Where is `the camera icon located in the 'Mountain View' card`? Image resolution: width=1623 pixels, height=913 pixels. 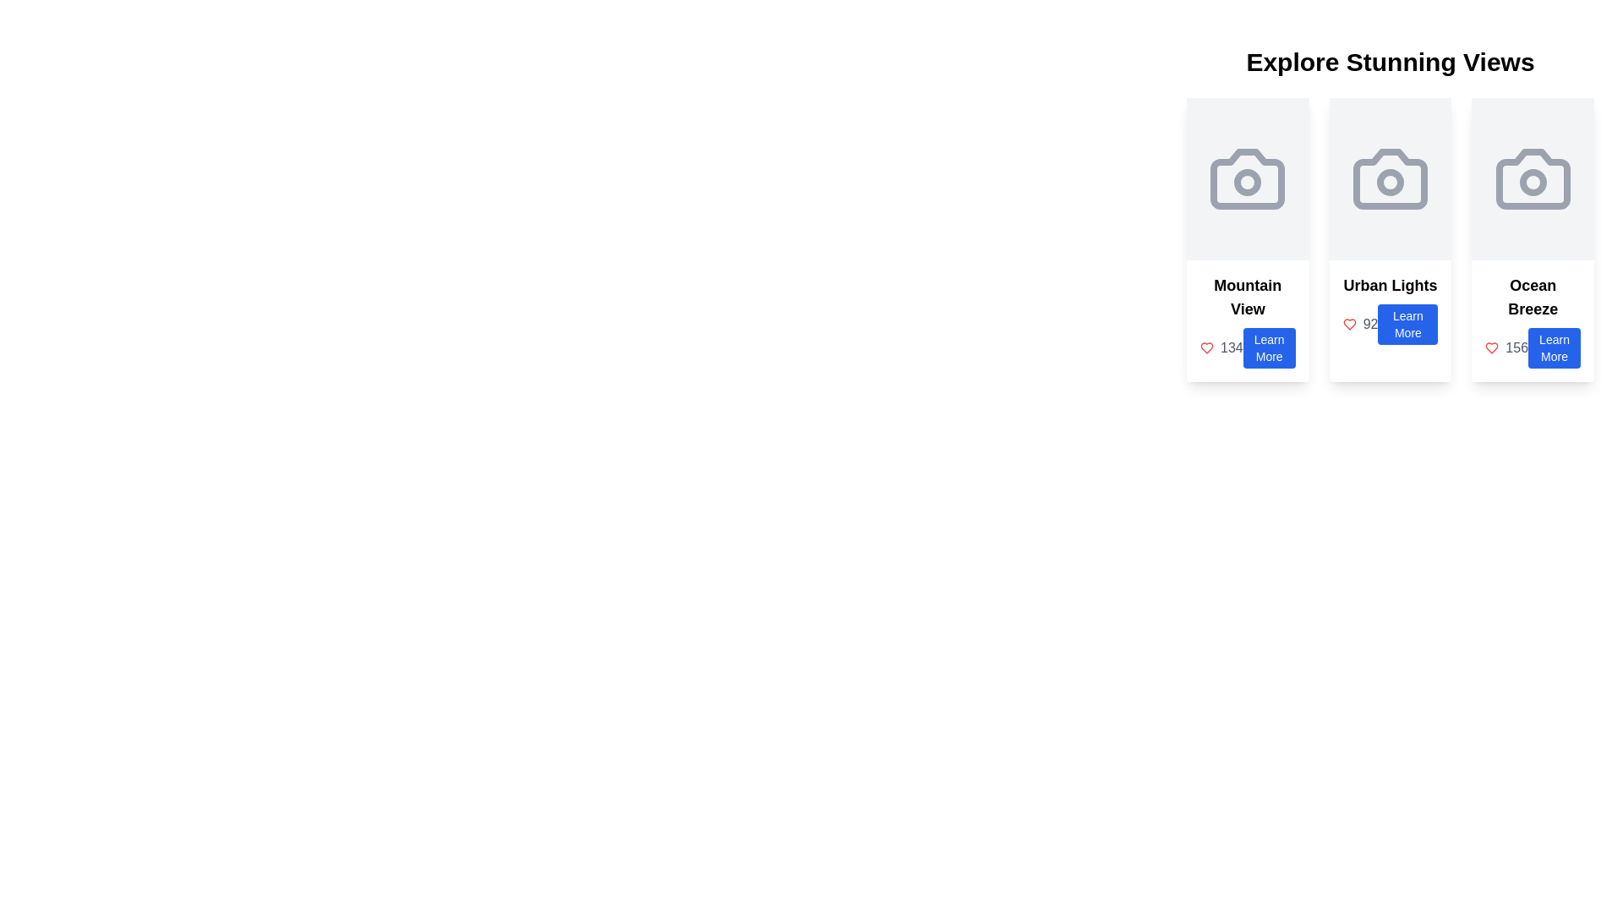 the camera icon located in the 'Mountain View' card is located at coordinates (1248, 179).